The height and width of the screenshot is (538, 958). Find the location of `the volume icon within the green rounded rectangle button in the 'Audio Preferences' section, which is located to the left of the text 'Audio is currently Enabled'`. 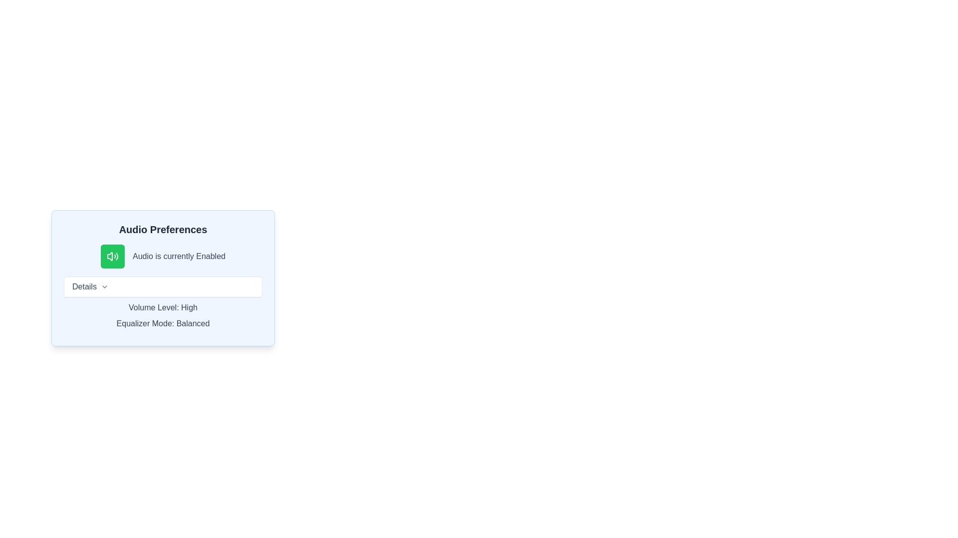

the volume icon within the green rounded rectangle button in the 'Audio Preferences' section, which is located to the left of the text 'Audio is currently Enabled' is located at coordinates (112, 256).